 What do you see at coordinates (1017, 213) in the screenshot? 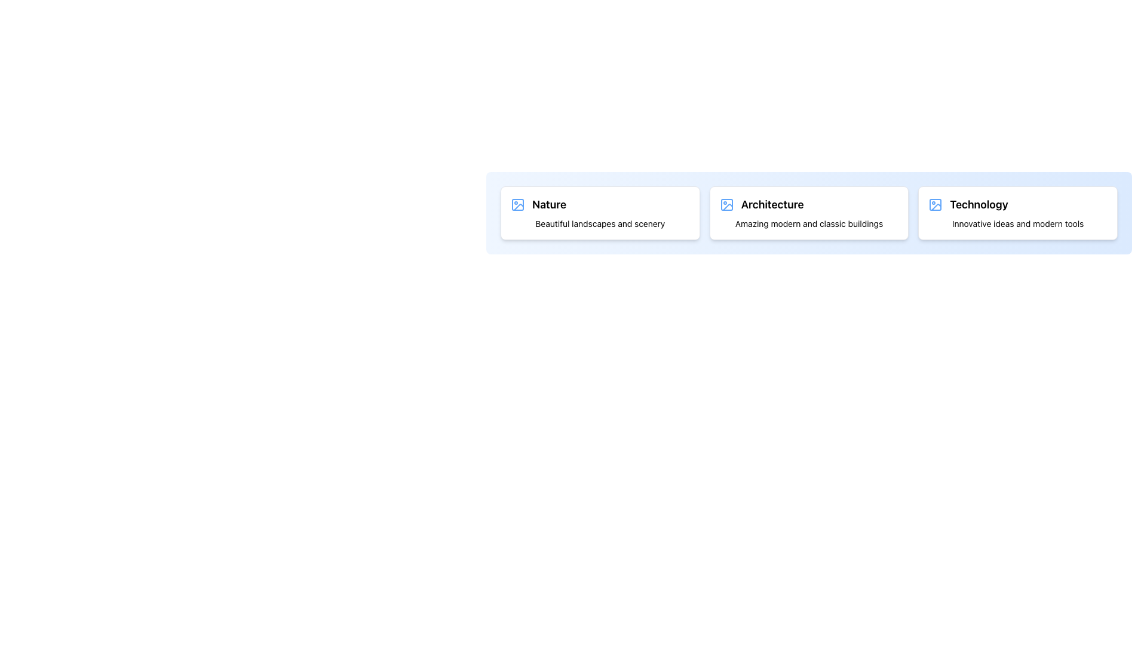
I see `the card titled 'Technology' which is the third card in a grid layout, featuring a blue icon and bold text 'Technology' with a description below` at bounding box center [1017, 213].